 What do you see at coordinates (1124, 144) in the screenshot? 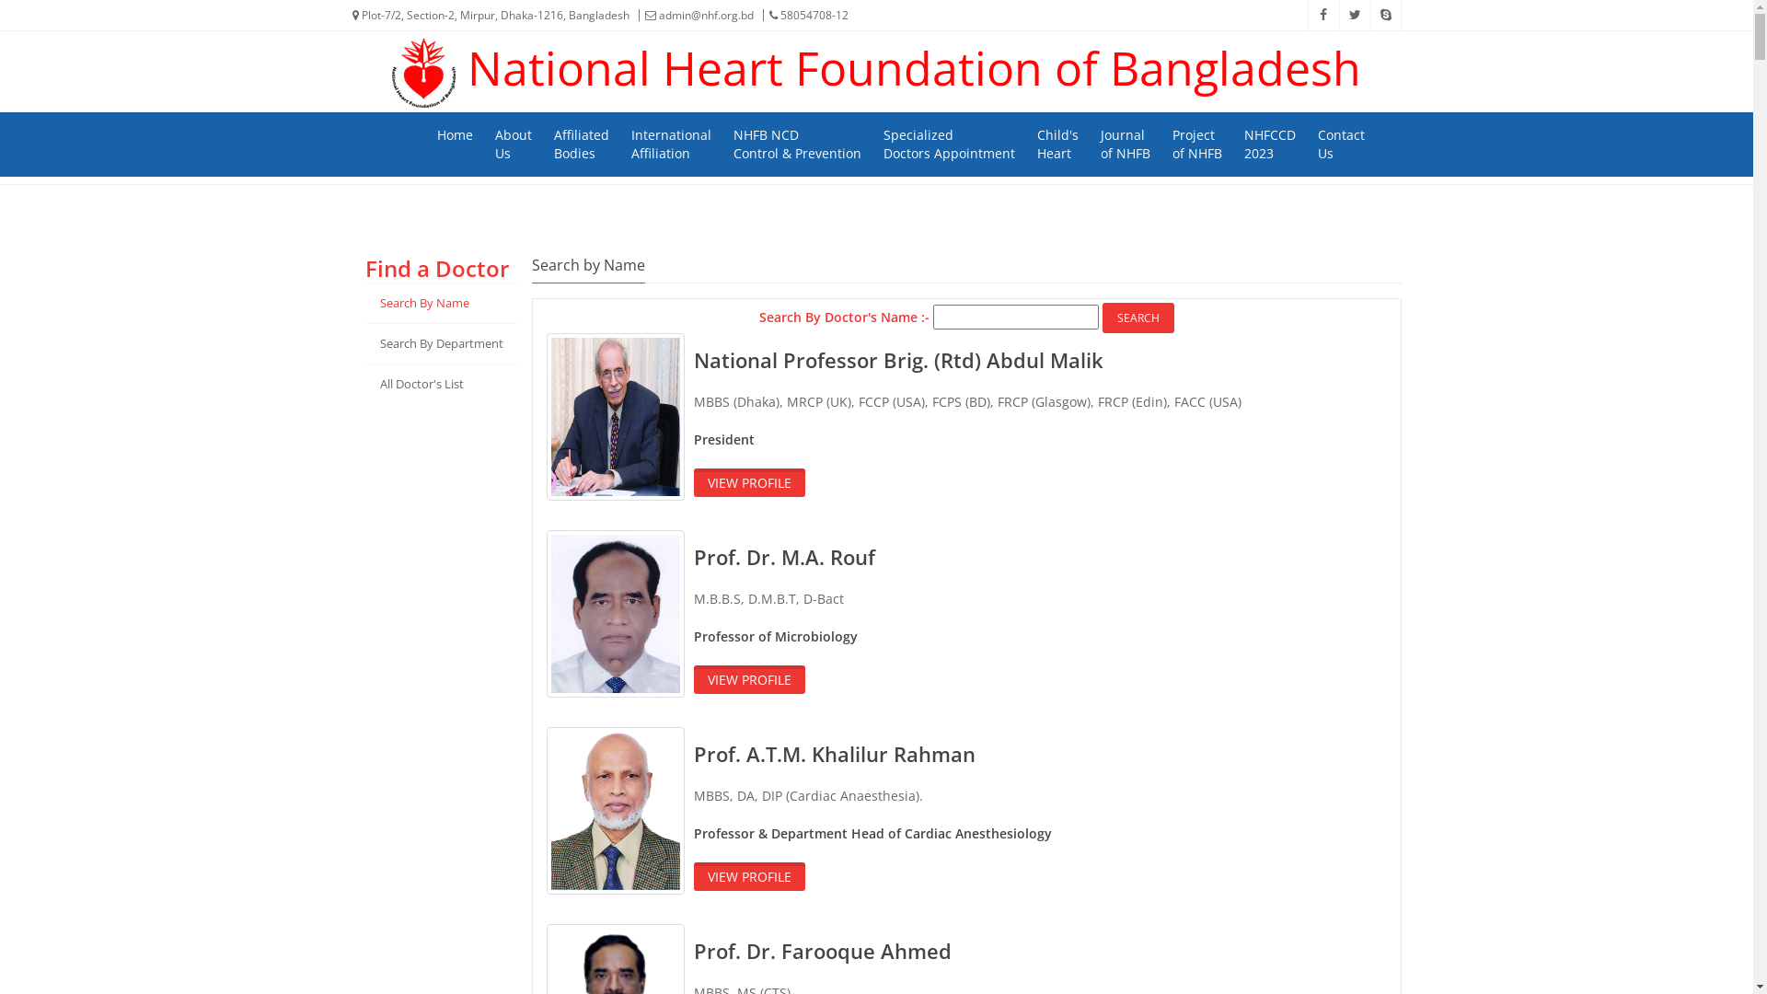
I see `'Journal` at bounding box center [1124, 144].